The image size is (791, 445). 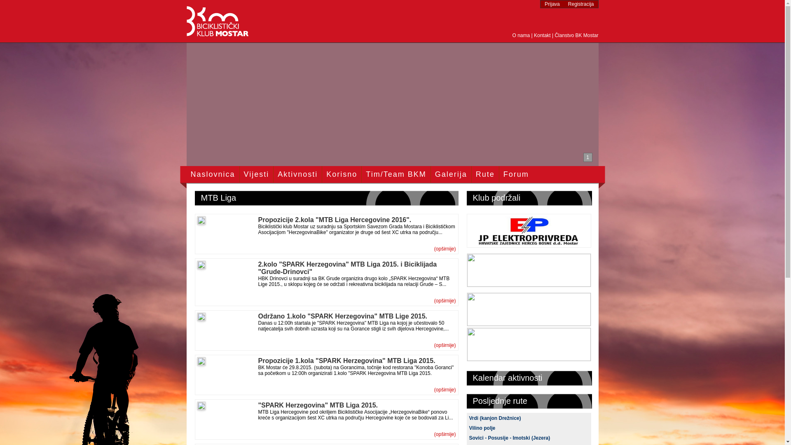 I want to click on 'Kontakt', so click(x=542, y=35).